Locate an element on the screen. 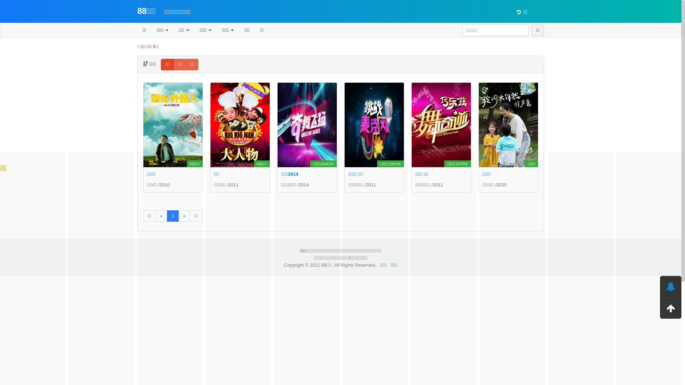 Image resolution: width=685 pixels, height=385 pixels. '2014' is located at coordinates (304, 184).